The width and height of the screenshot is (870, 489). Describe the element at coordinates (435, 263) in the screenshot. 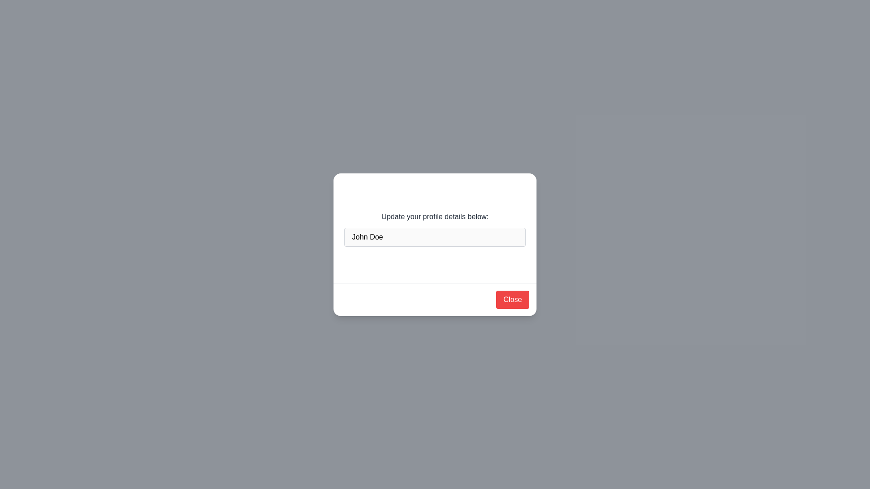

I see `'Edit' button to enable editing of the username` at that location.